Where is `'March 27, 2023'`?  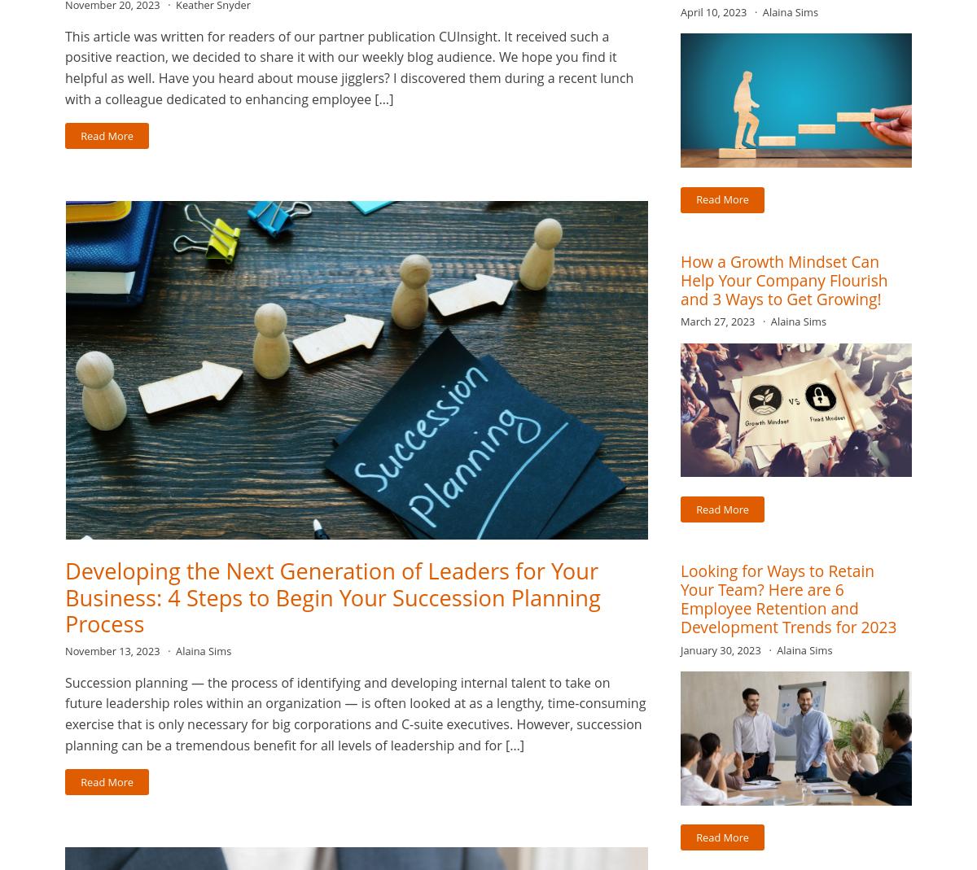 'March 27, 2023' is located at coordinates (717, 321).